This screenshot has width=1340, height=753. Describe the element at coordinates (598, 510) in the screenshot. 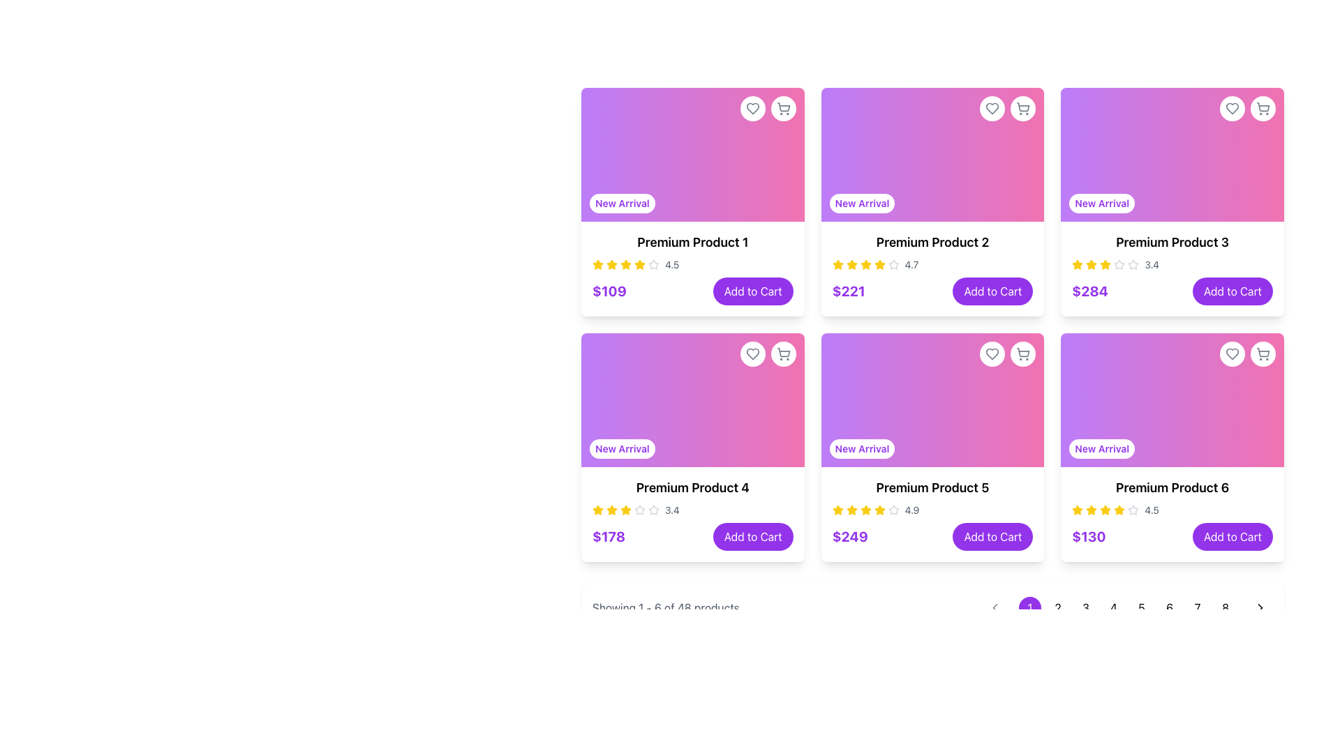

I see `the first star icon in the star rating system below the title 'Premium Product 4'` at that location.